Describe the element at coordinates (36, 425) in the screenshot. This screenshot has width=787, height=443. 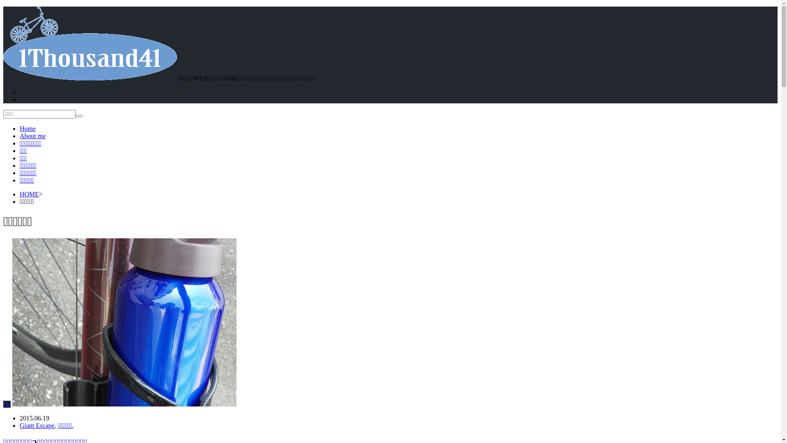
I see `'Giant Escape'` at that location.